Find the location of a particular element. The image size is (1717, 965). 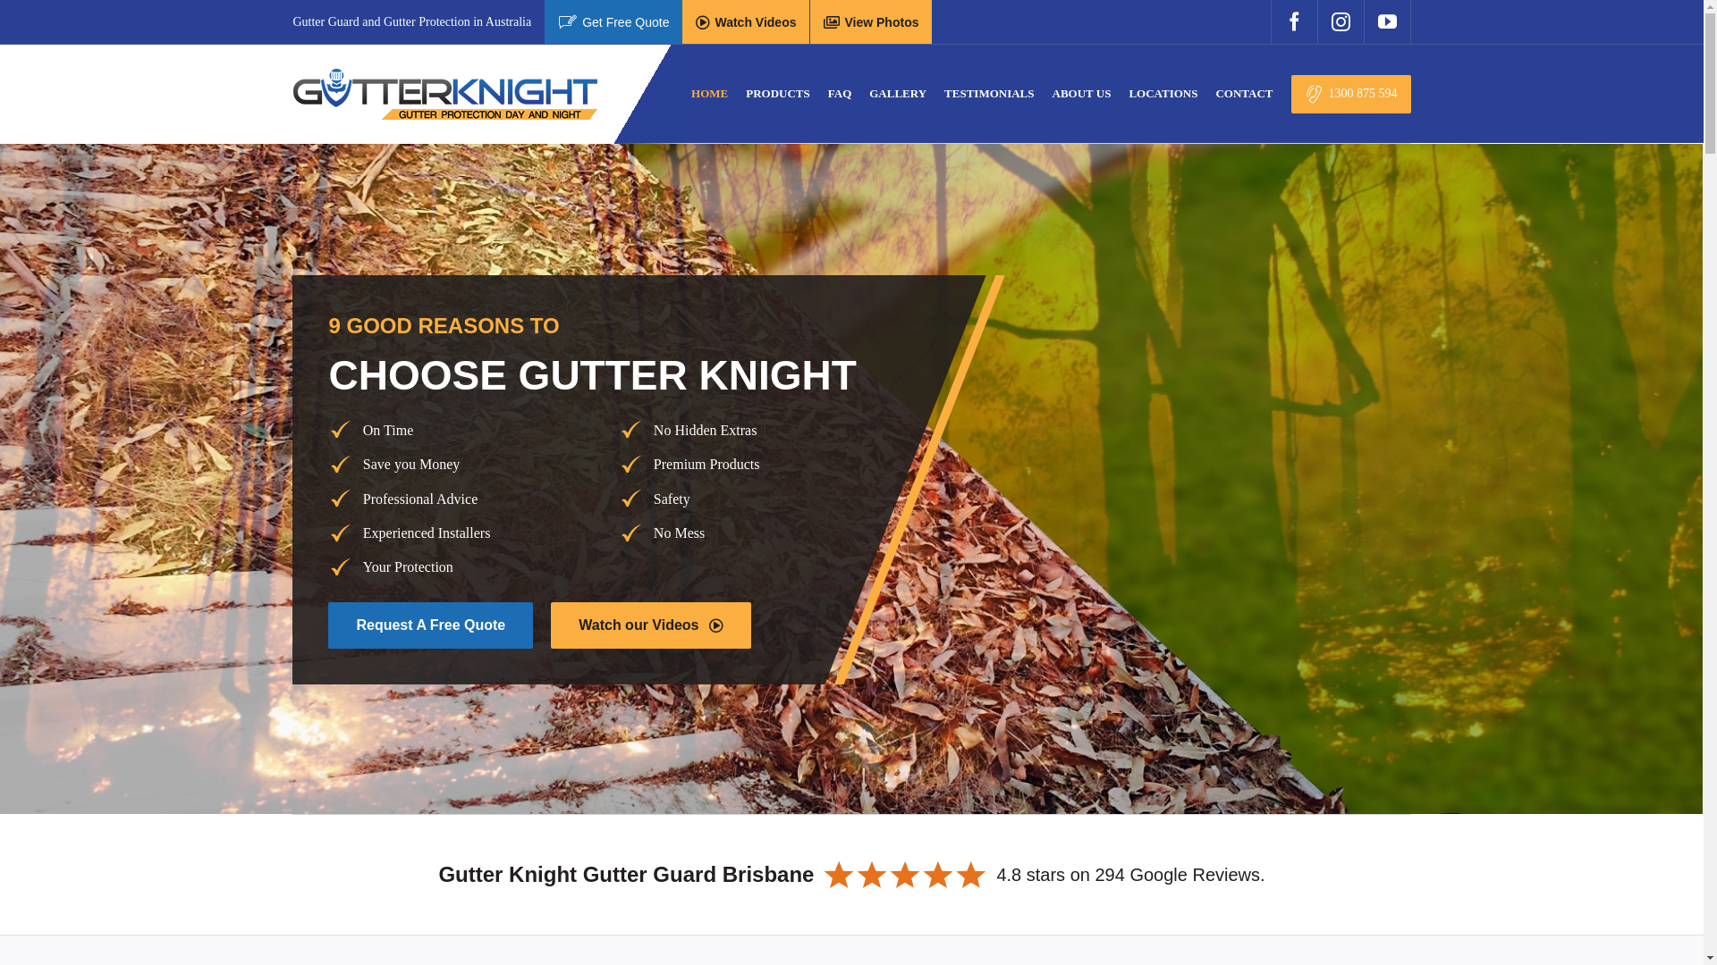

'GALLERY' is located at coordinates (868, 93).